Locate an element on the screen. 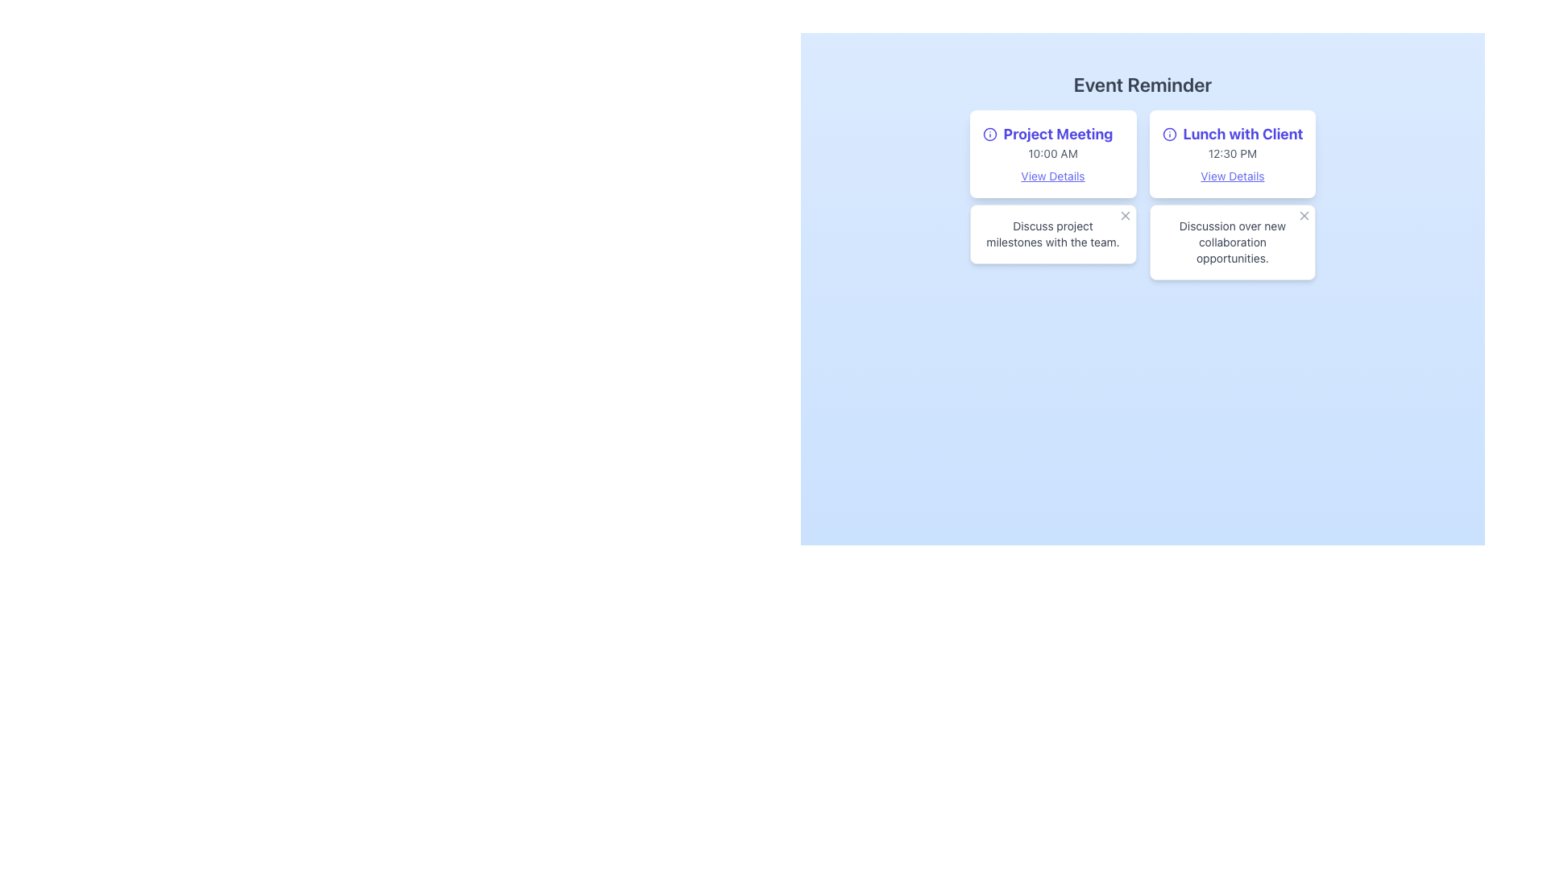 Image resolution: width=1547 pixels, height=870 pixels. the close button located at the top-right corner of the card discussing 'Discussion over new collaboration opportunities' is located at coordinates (1304, 214).